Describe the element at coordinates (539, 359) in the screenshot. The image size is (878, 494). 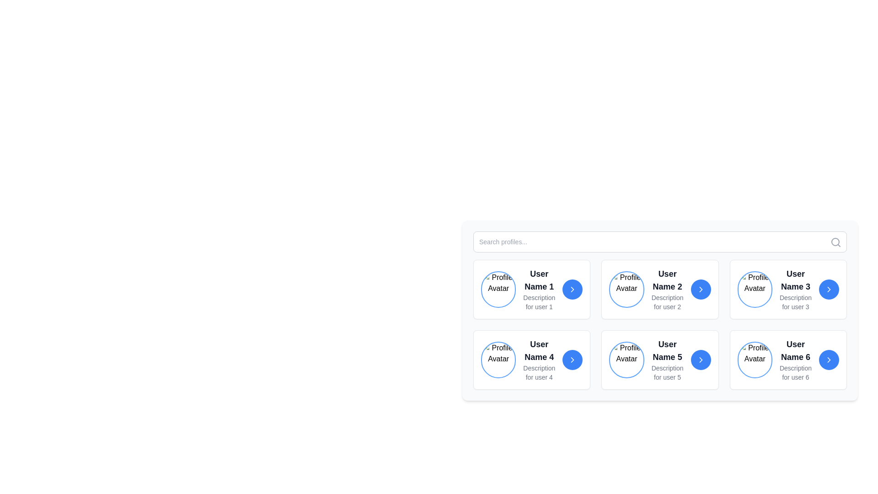
I see `the multi-line text label containing 'User Name 4' and 'Description for user 4' in the fourth user card of the second row, located to the right of the profile avatar and left of the action button` at that location.